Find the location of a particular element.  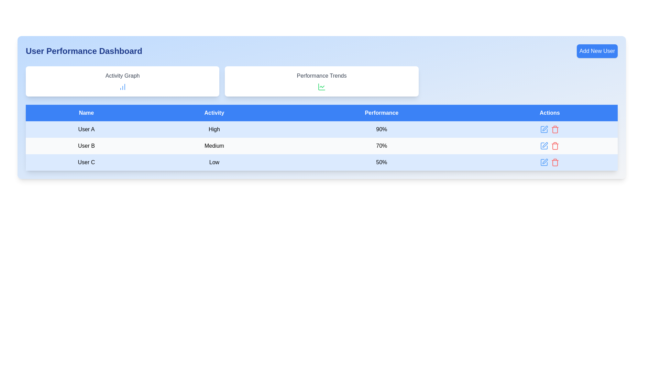

the button in the upper-right corner of the interface is located at coordinates (597, 51).